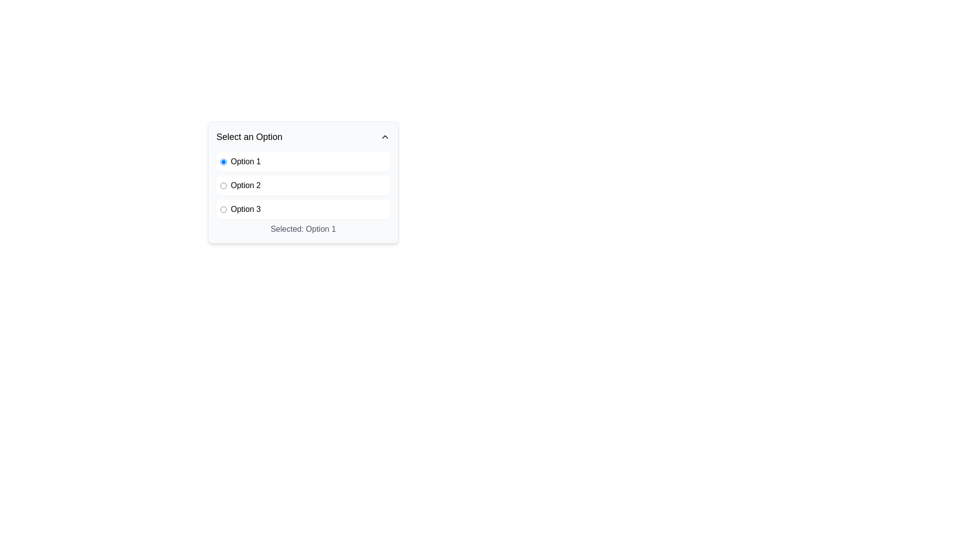 The width and height of the screenshot is (953, 536). Describe the element at coordinates (223, 208) in the screenshot. I see `the 'Option 3' radio button by navigating to it` at that location.